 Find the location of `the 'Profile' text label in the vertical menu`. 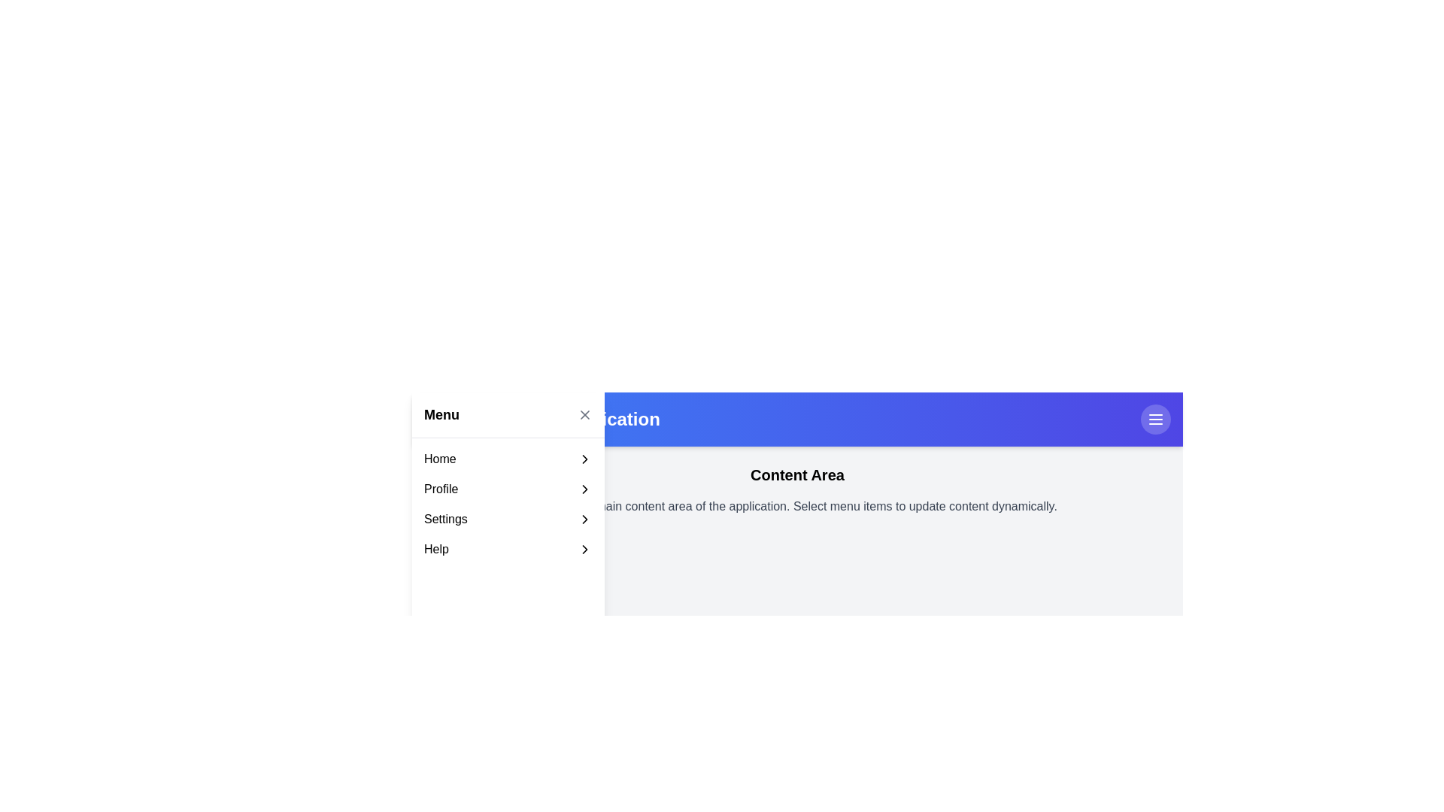

the 'Profile' text label in the vertical menu is located at coordinates (440, 489).